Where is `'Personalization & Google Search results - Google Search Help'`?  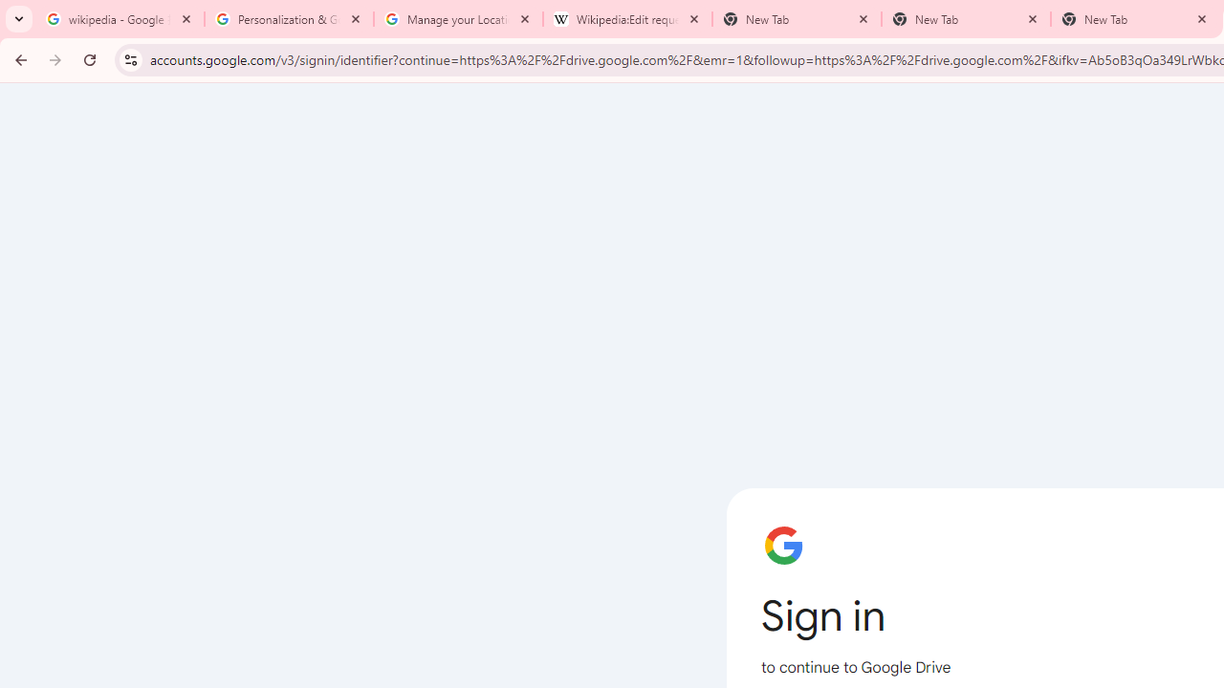
'Personalization & Google Search results - Google Search Help' is located at coordinates (288, 19).